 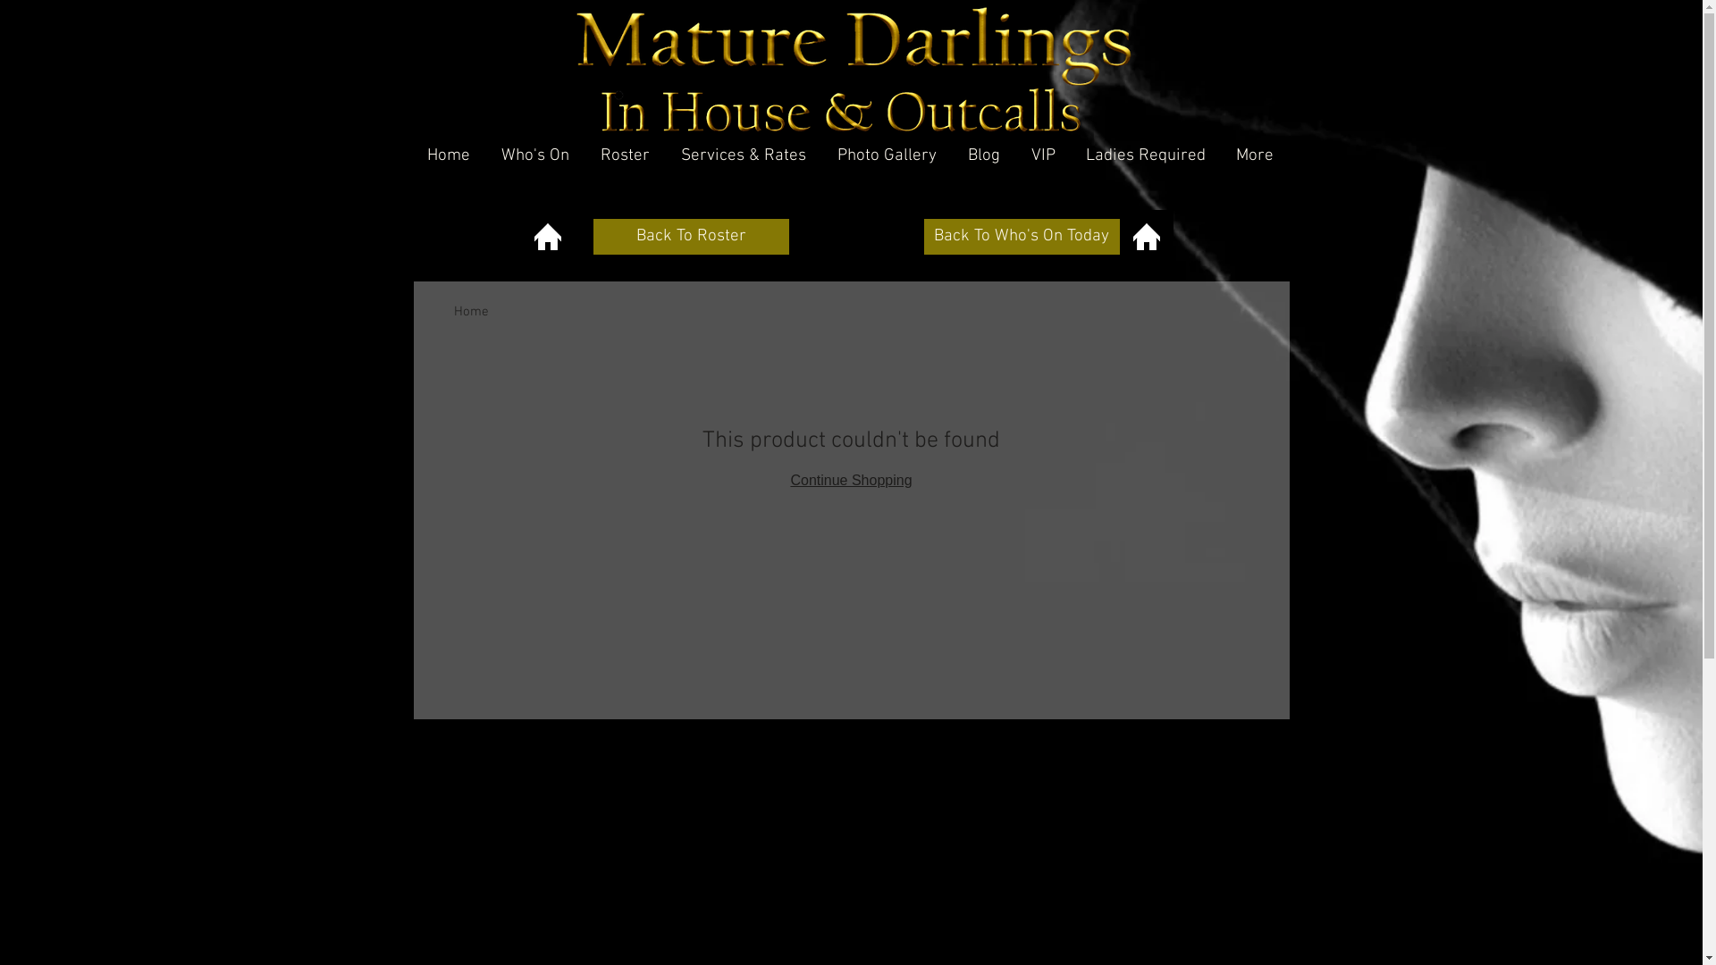 What do you see at coordinates (450, 155) in the screenshot?
I see `'Home'` at bounding box center [450, 155].